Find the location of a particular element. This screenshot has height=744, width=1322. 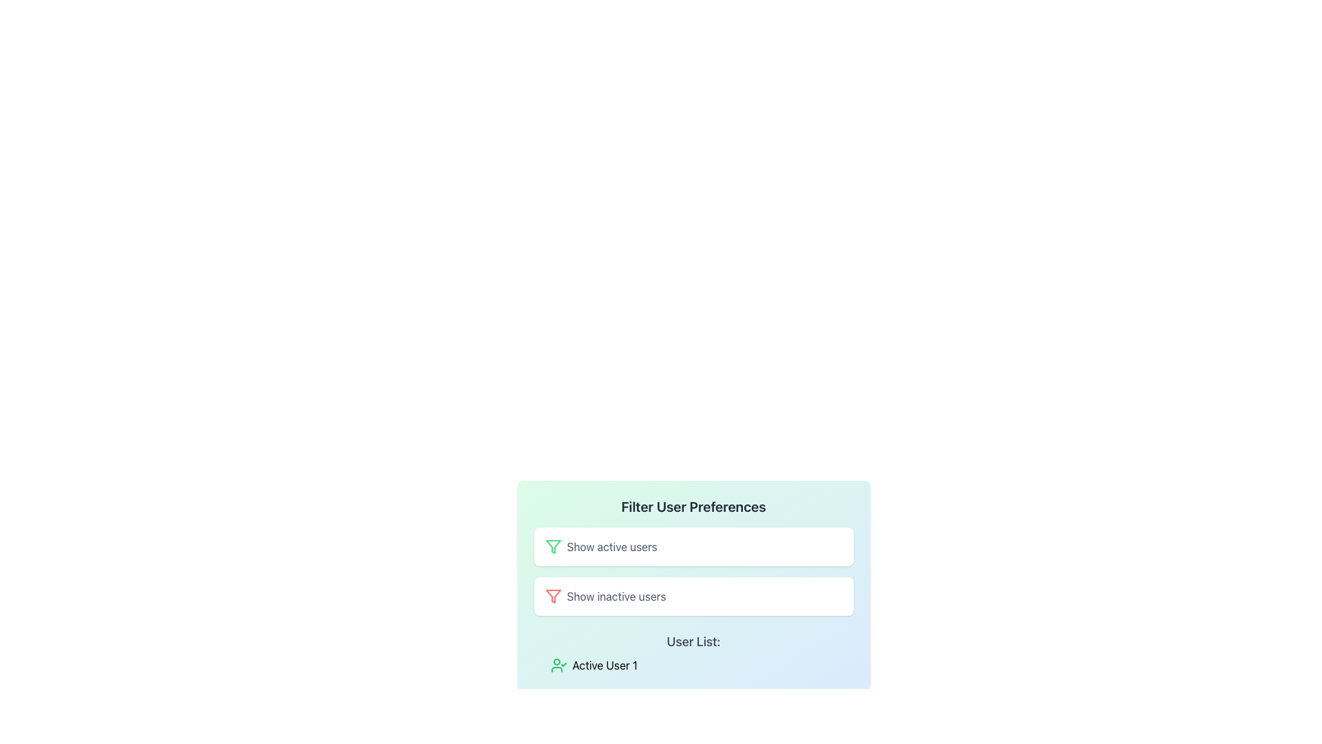

the toggle switch styled as a horizontal oval with rounded corners from its current position is located at coordinates (828, 596).